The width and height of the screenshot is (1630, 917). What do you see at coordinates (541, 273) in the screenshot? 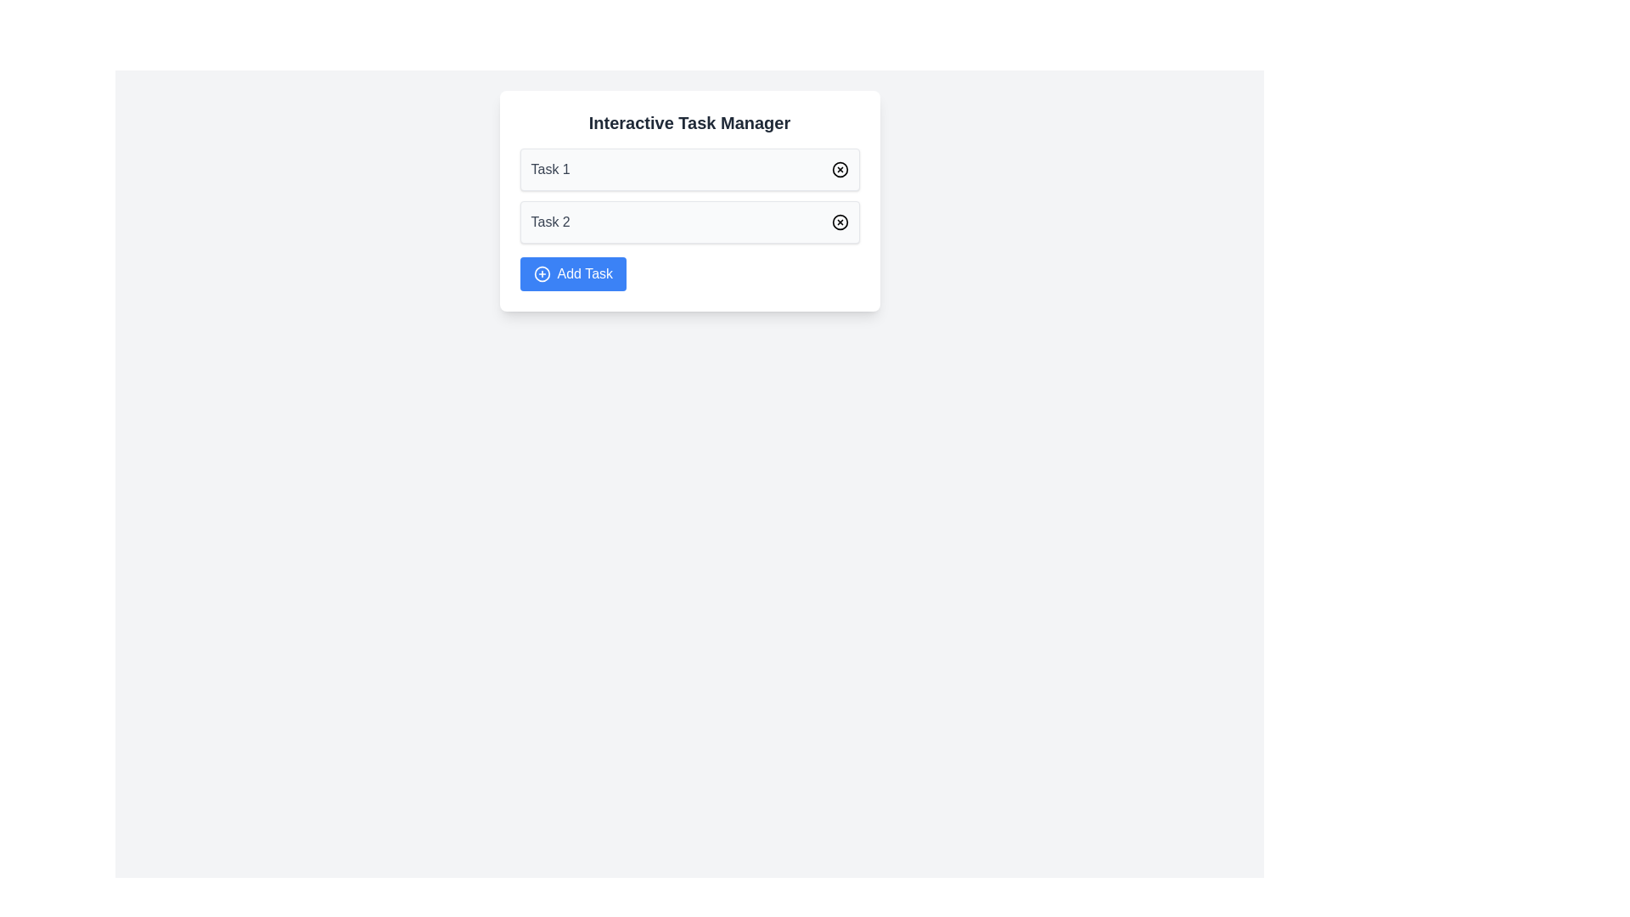
I see `the decorative icon within the 'Add Task' button group` at bounding box center [541, 273].